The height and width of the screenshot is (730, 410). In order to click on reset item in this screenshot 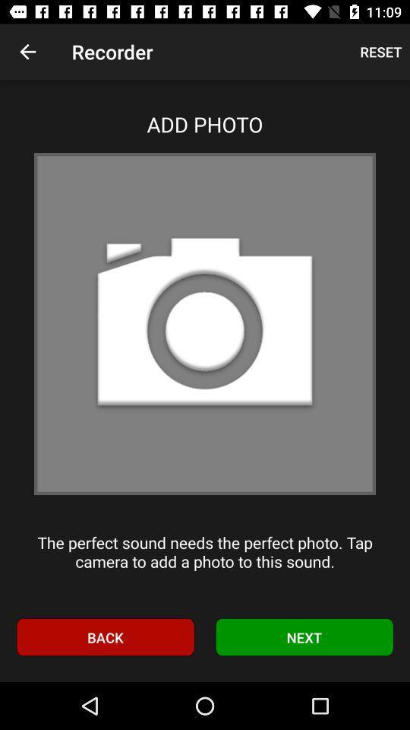, I will do `click(380, 52)`.